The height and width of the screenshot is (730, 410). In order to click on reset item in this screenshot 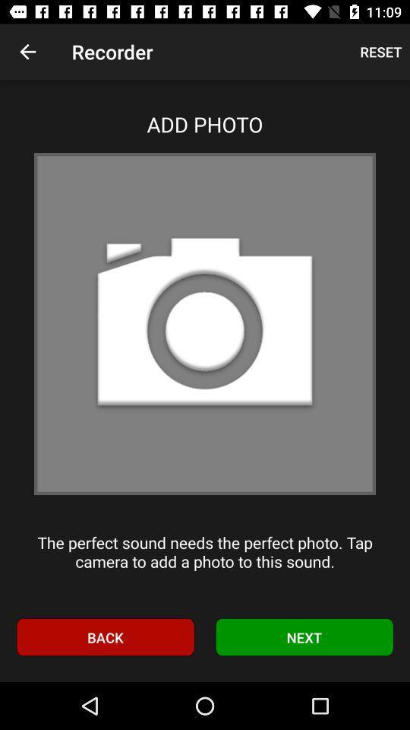, I will do `click(380, 52)`.